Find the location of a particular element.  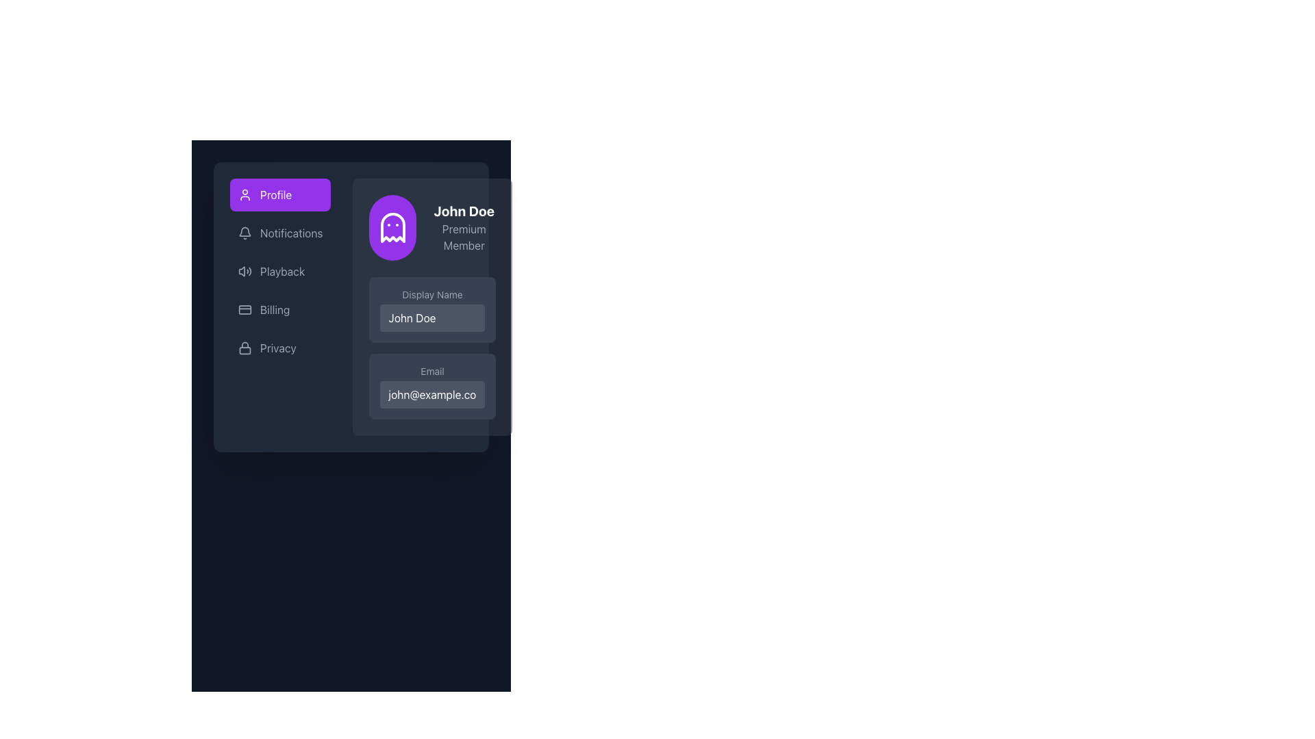

the text input field labeled 'Display Name' which has a dark gray background and contains the value 'John Doe' is located at coordinates (431, 318).